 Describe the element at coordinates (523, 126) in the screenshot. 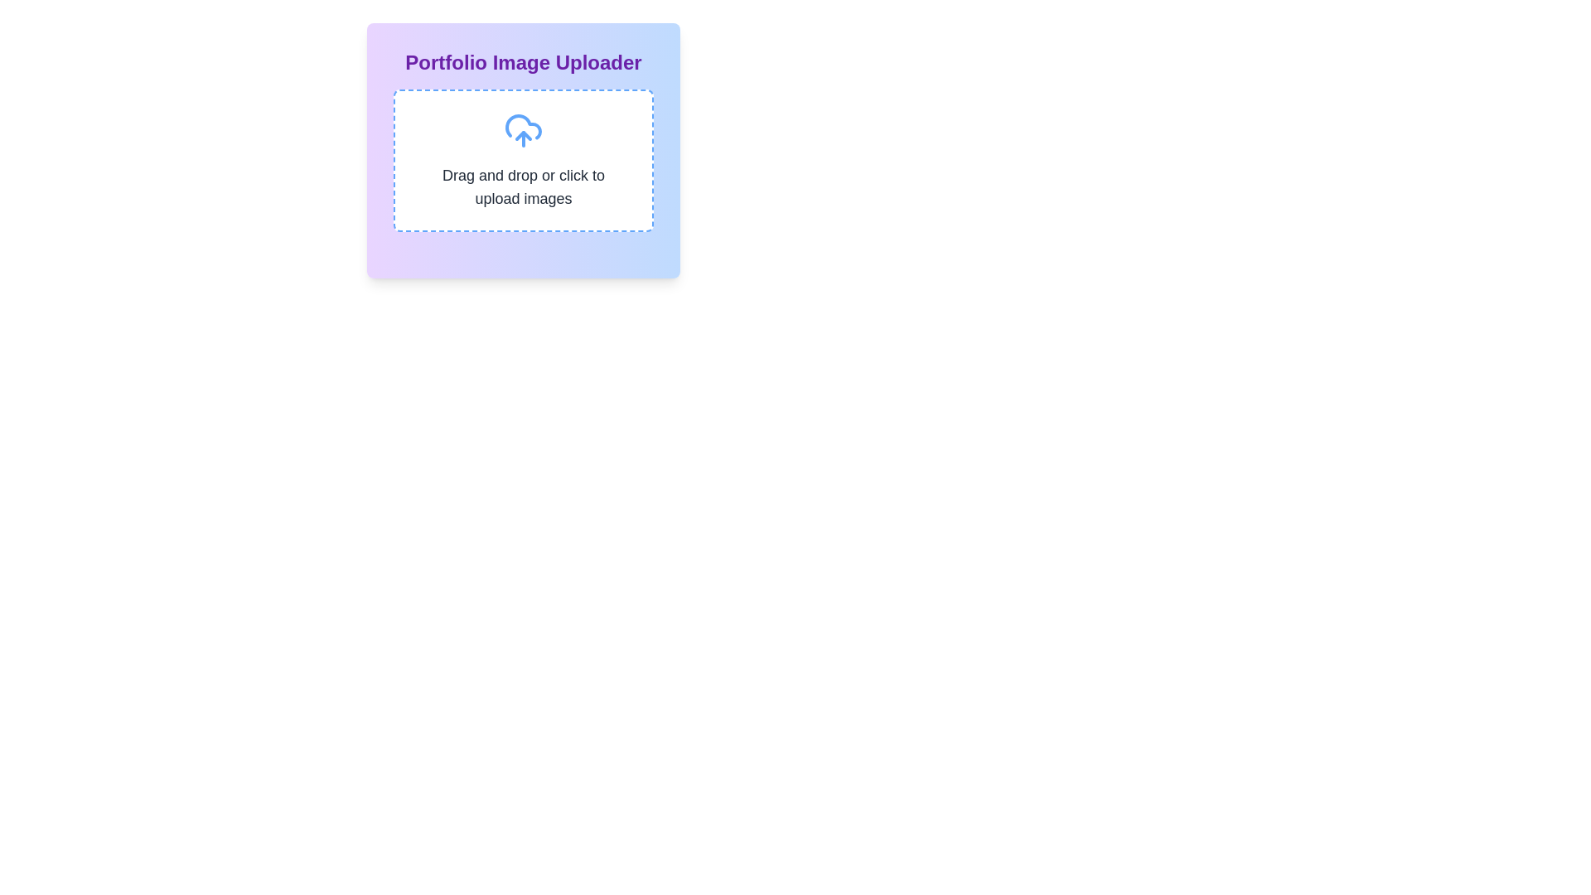

I see `the uppermost line segment of the cloud outline in the 'Portfolio Image Uploader' widget, which visually represents the concept of uploading files` at that location.